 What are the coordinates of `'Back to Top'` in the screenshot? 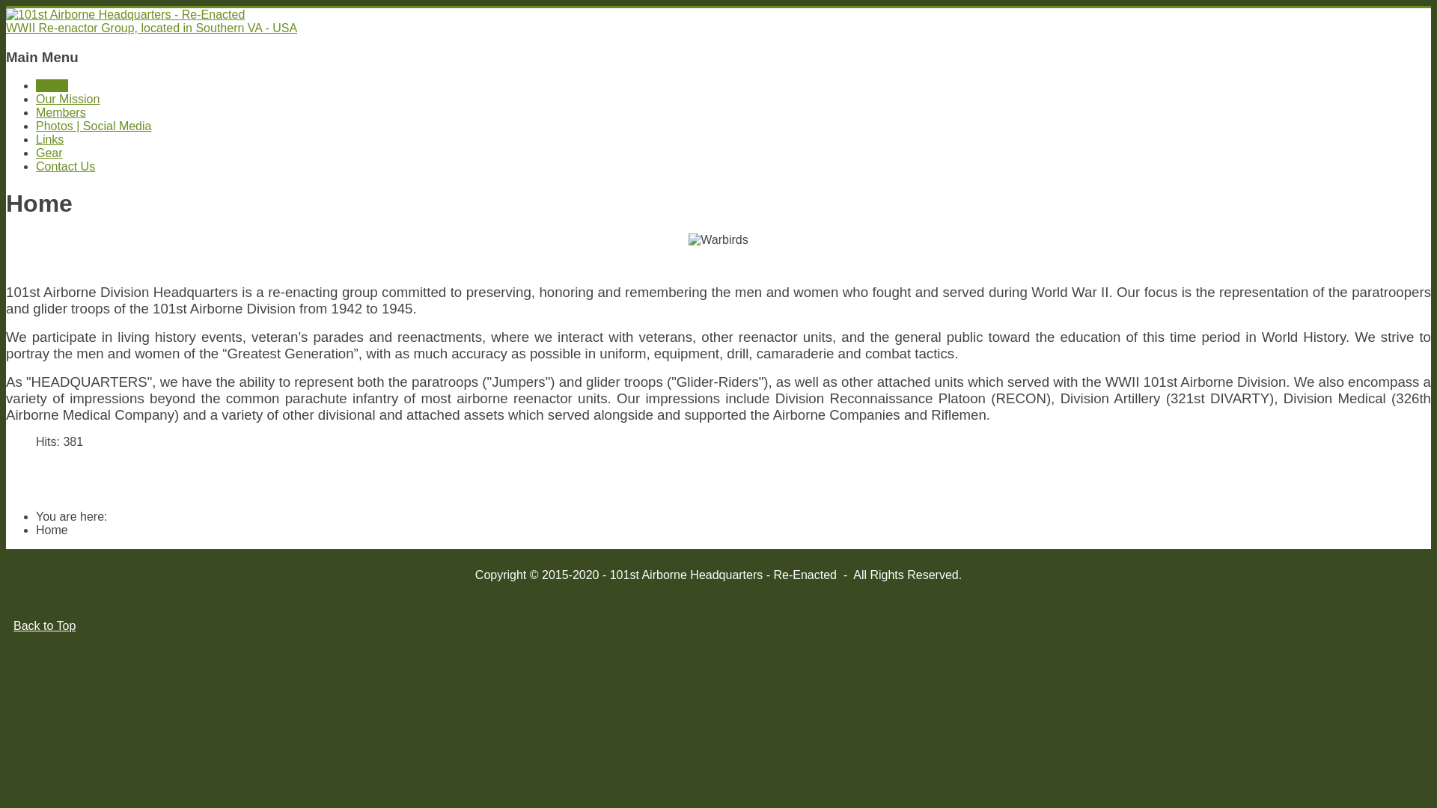 It's located at (44, 625).